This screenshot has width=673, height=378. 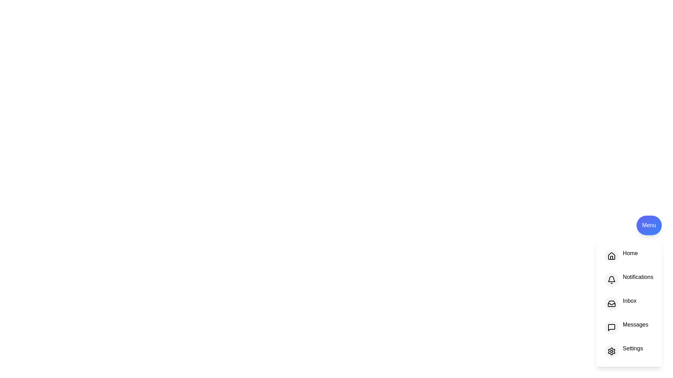 I want to click on the 'Menu' button to toggle the menu visibility, so click(x=649, y=225).